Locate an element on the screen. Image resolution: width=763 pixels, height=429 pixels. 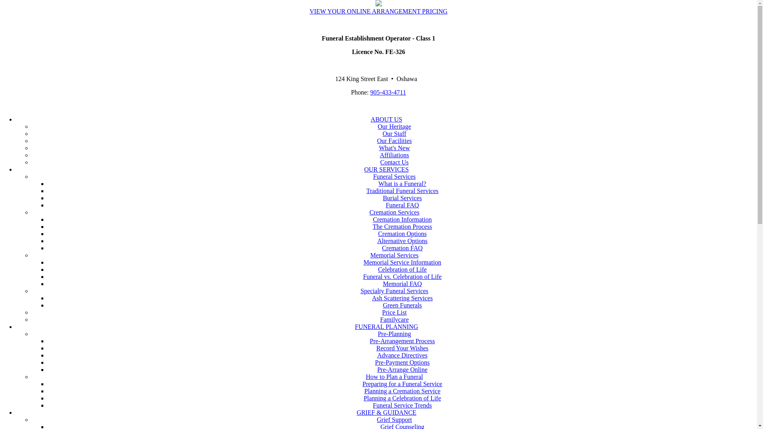
'Grief Support' is located at coordinates (394, 419).